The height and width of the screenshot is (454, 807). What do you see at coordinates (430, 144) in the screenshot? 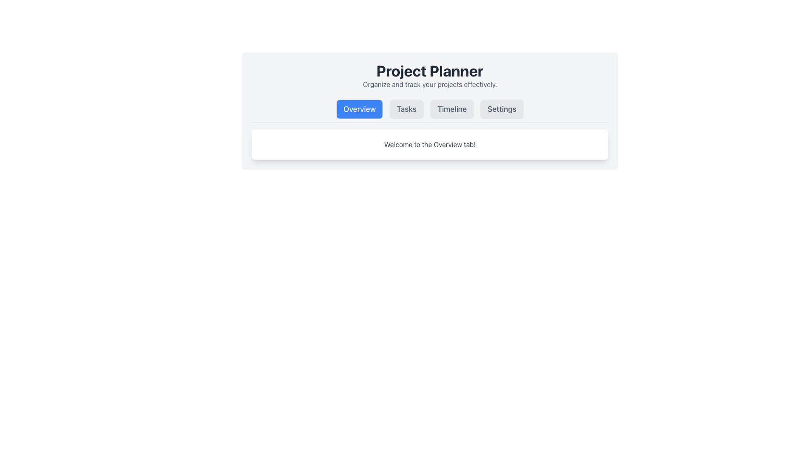
I see `message displayed in the static text label that shows 'Welcome to the Overview tab!' located below the navigation bar` at bounding box center [430, 144].